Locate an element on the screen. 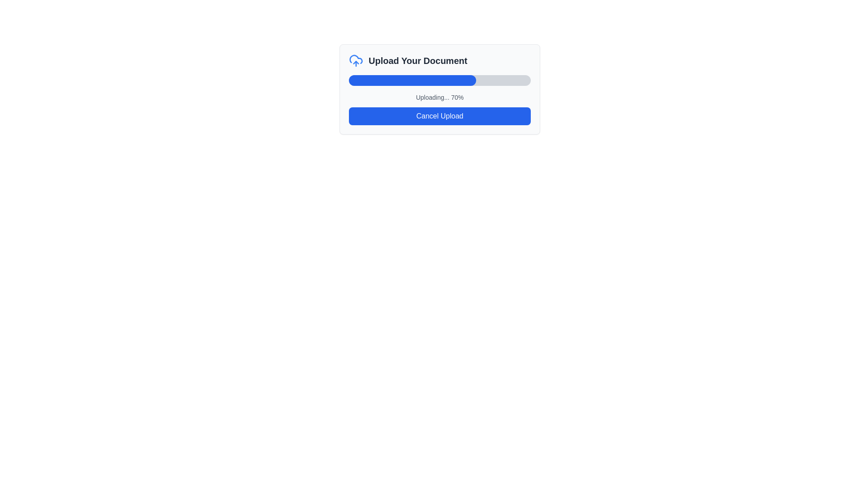 The height and width of the screenshot is (483, 860). the text label that reads 'Upload Your Document.' which is prominently displayed in bold dark gray font, located to the right of the cloud icon in the top section of the card interface is located at coordinates (417, 60).